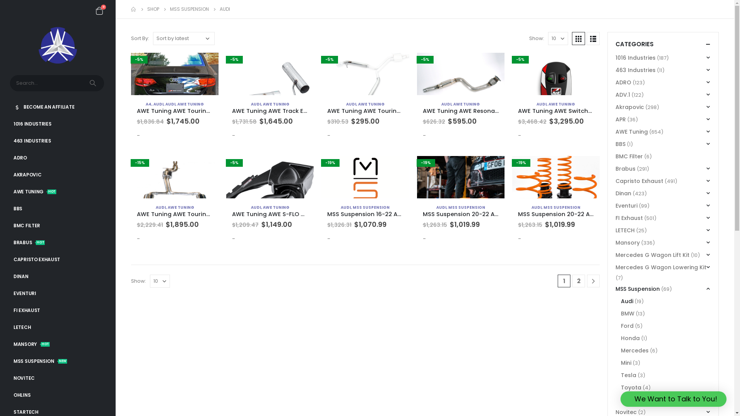 This screenshot has width=740, height=416. I want to click on 'AWE TUNINGHOT', so click(57, 191).